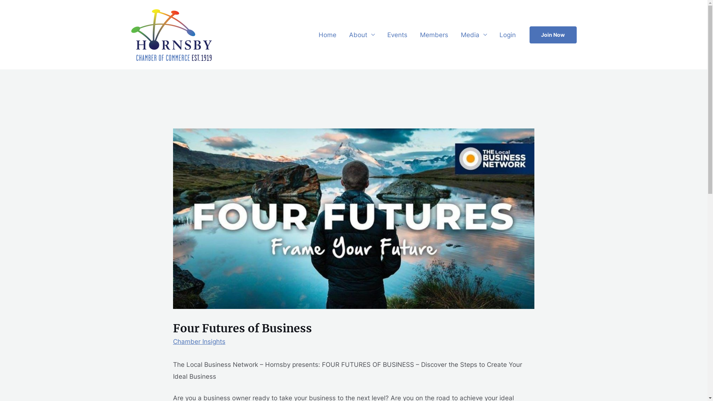 This screenshot has height=401, width=713. What do you see at coordinates (397, 34) in the screenshot?
I see `'Events'` at bounding box center [397, 34].